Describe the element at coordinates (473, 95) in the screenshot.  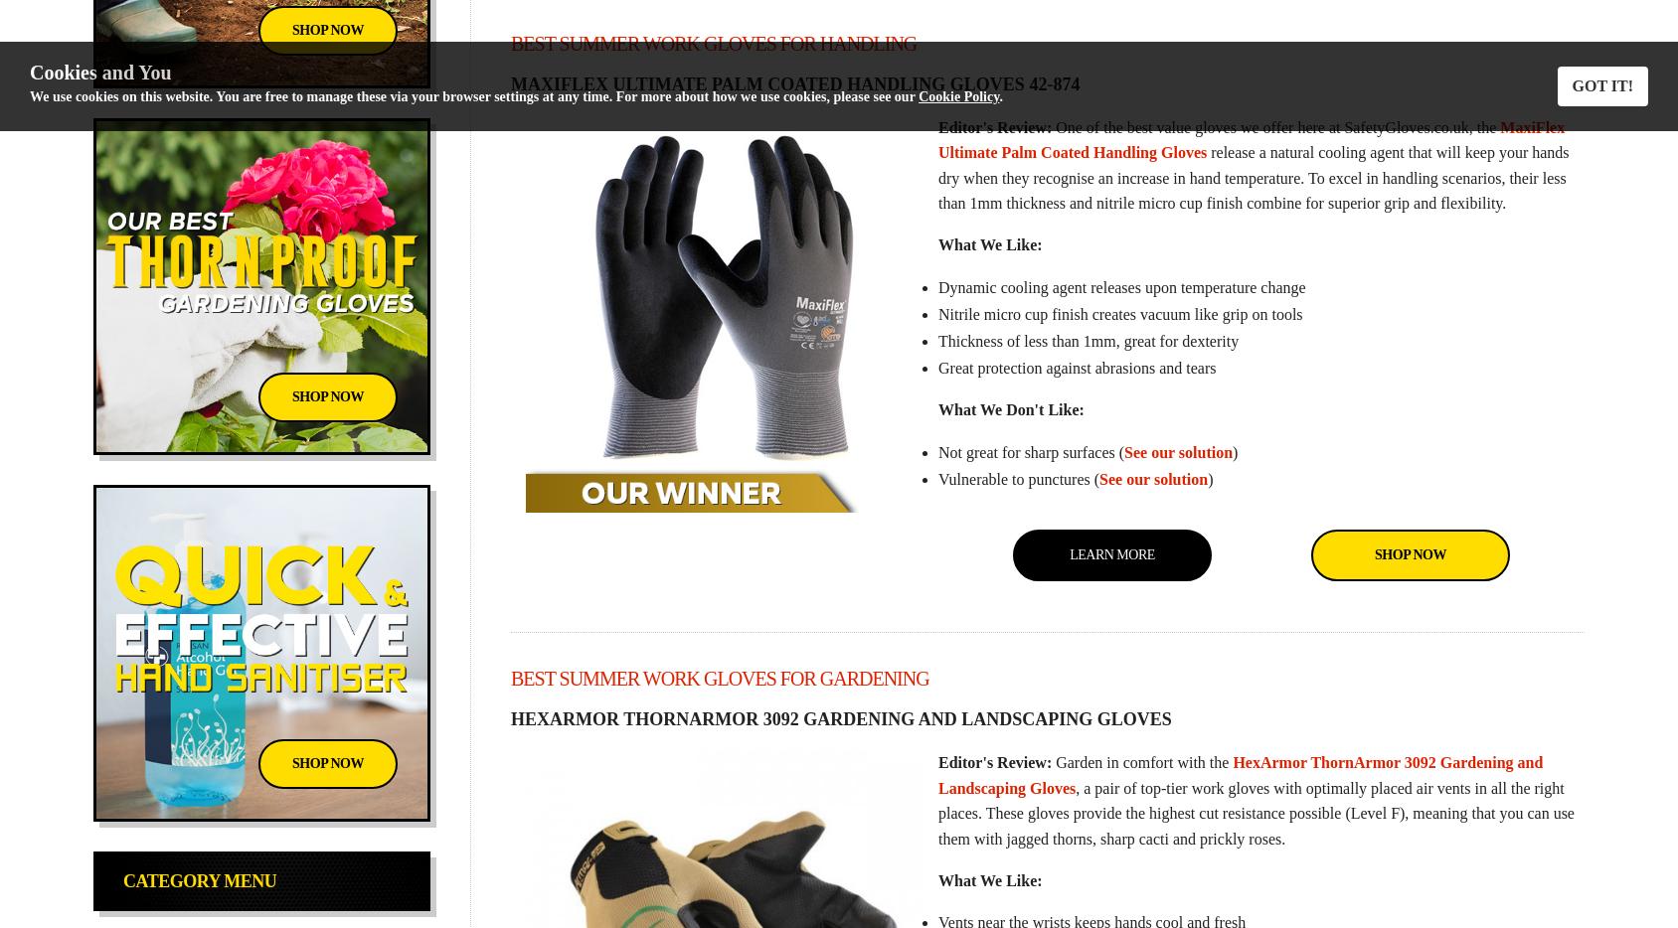
I see `'We use cookies on this website. You are free to manage these via your browser settings at any time. For more about how we use cookies, please see our'` at that location.